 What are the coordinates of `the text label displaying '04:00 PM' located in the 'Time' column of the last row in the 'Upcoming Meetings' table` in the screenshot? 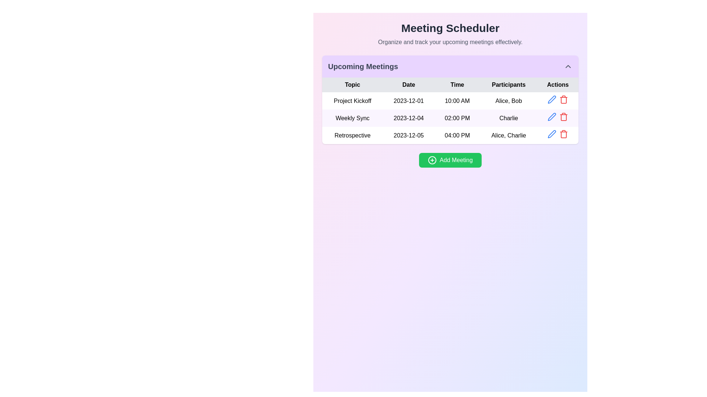 It's located at (457, 135).